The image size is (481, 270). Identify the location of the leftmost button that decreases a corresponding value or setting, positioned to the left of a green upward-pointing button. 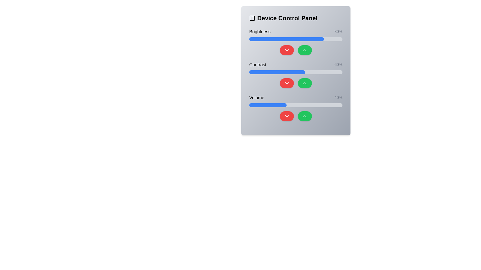
(287, 50).